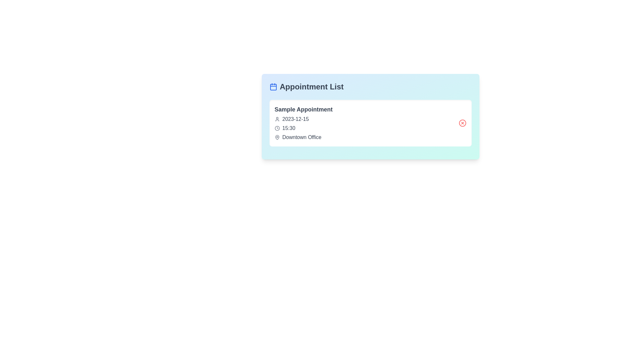 This screenshot has width=622, height=350. Describe the element at coordinates (303, 109) in the screenshot. I see `the Text label that serves as the title for the specific appointment entry, located in the upper-left section of the card under 'Appointment List'` at that location.